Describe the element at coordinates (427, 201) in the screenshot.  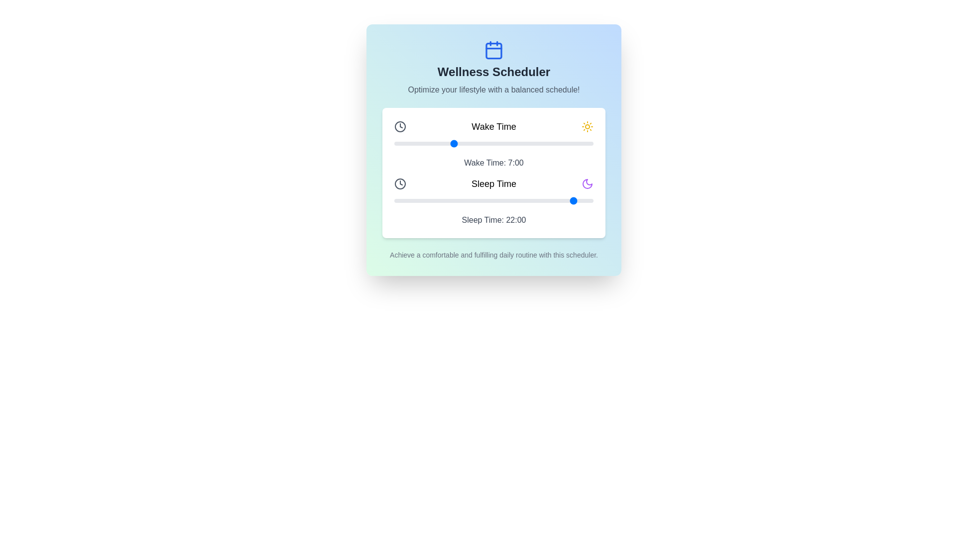
I see `the time` at that location.